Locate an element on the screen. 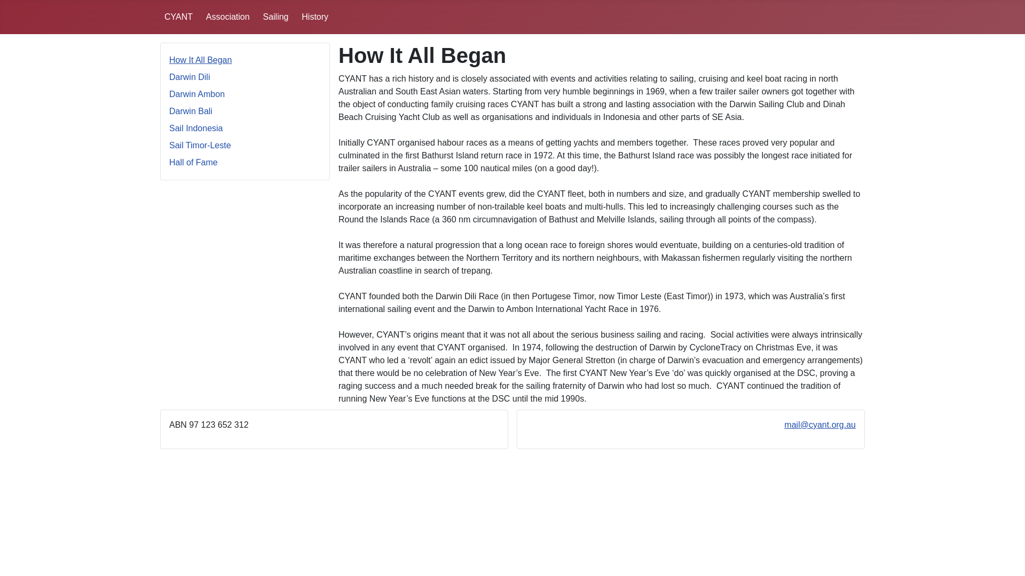 This screenshot has height=576, width=1025. 'How It All Began' is located at coordinates (200, 60).